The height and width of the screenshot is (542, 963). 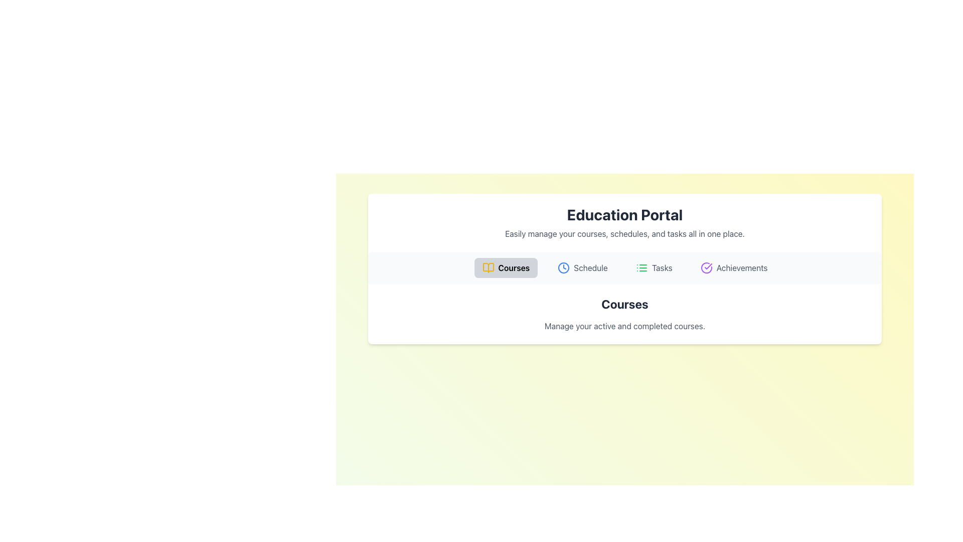 I want to click on the bold text 'Education Portal', so click(x=624, y=214).